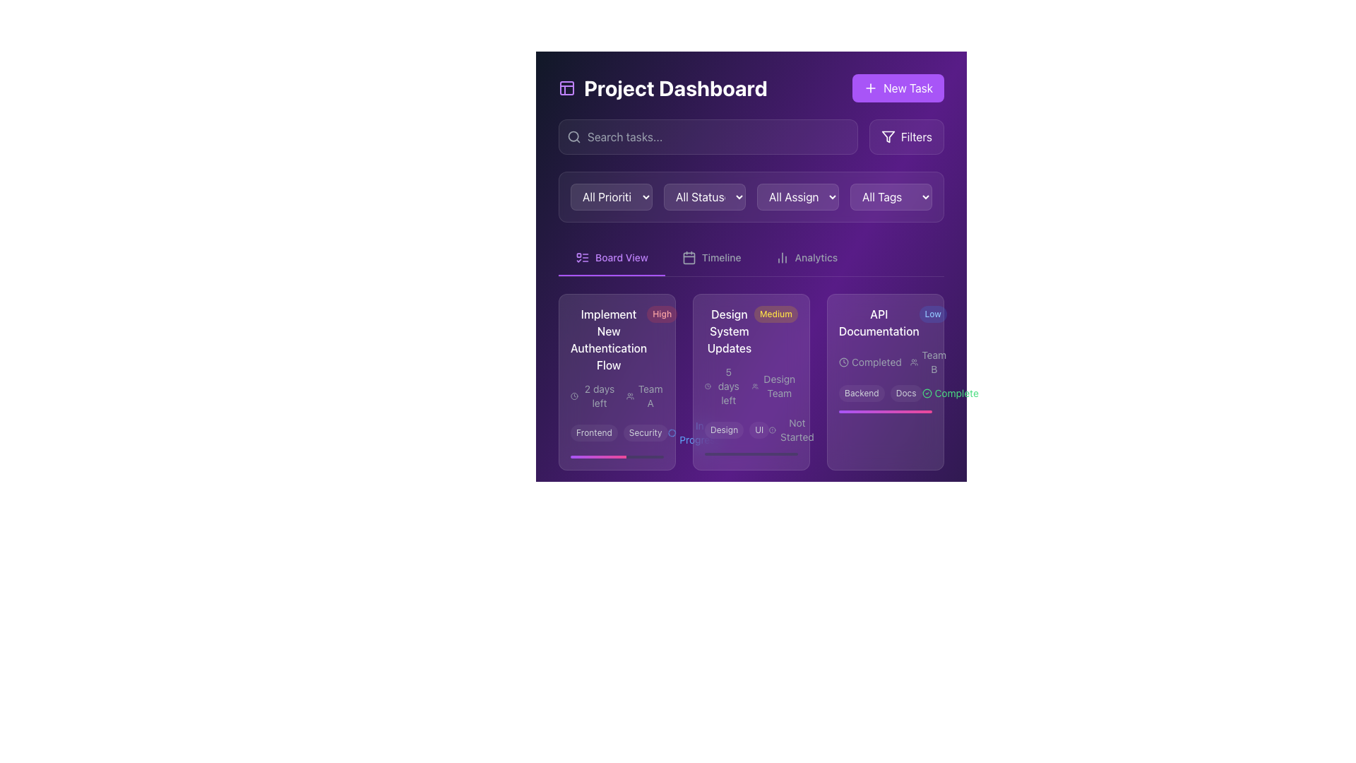 This screenshot has height=763, width=1356. I want to click on the Tag group element located within the 'Design System Updates' card, positioned near the bottom in the second column of cards on the board interface, so click(751, 430).